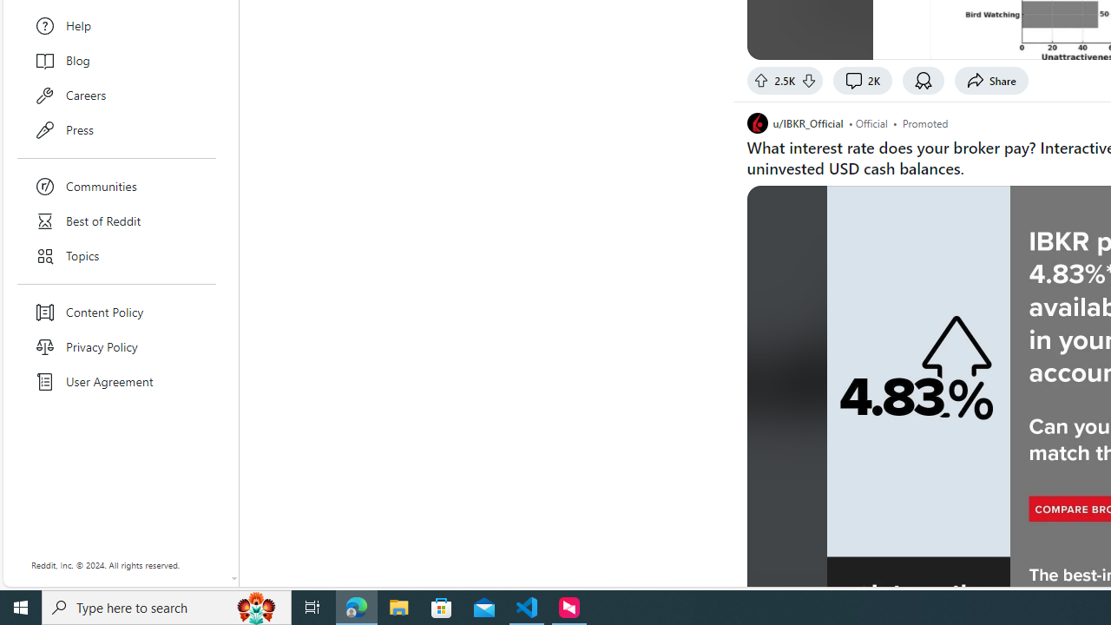  Describe the element at coordinates (863, 80) in the screenshot. I see `'2K comments'` at that location.